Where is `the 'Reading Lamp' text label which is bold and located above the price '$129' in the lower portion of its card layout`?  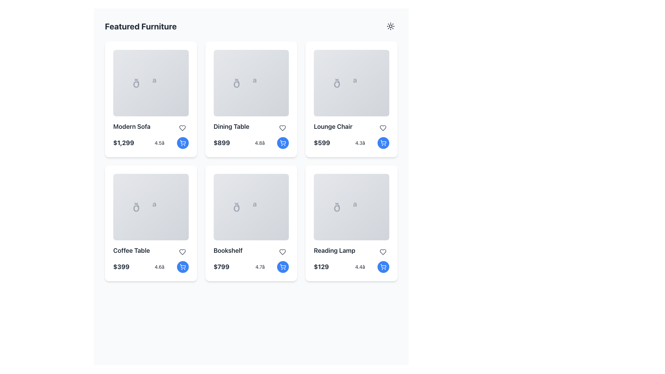
the 'Reading Lamp' text label which is bold and located above the price '$129' in the lower portion of its card layout is located at coordinates (352, 252).